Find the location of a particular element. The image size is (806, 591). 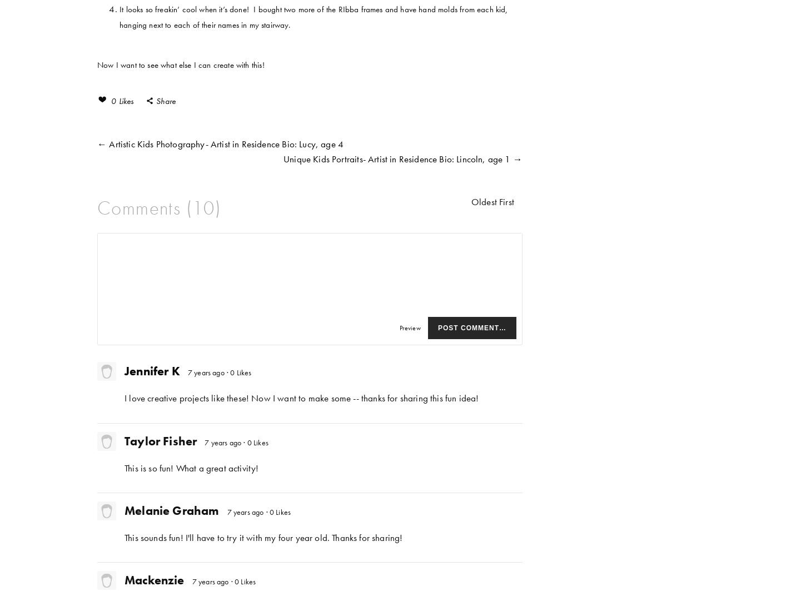

'Share' is located at coordinates (166, 101).